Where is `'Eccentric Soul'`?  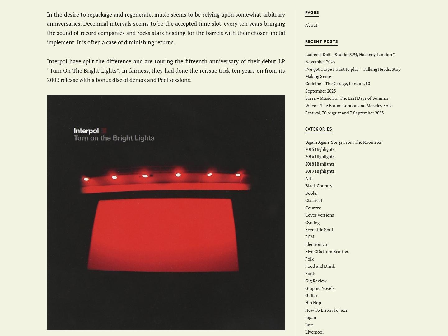 'Eccentric Soul' is located at coordinates (319, 229).